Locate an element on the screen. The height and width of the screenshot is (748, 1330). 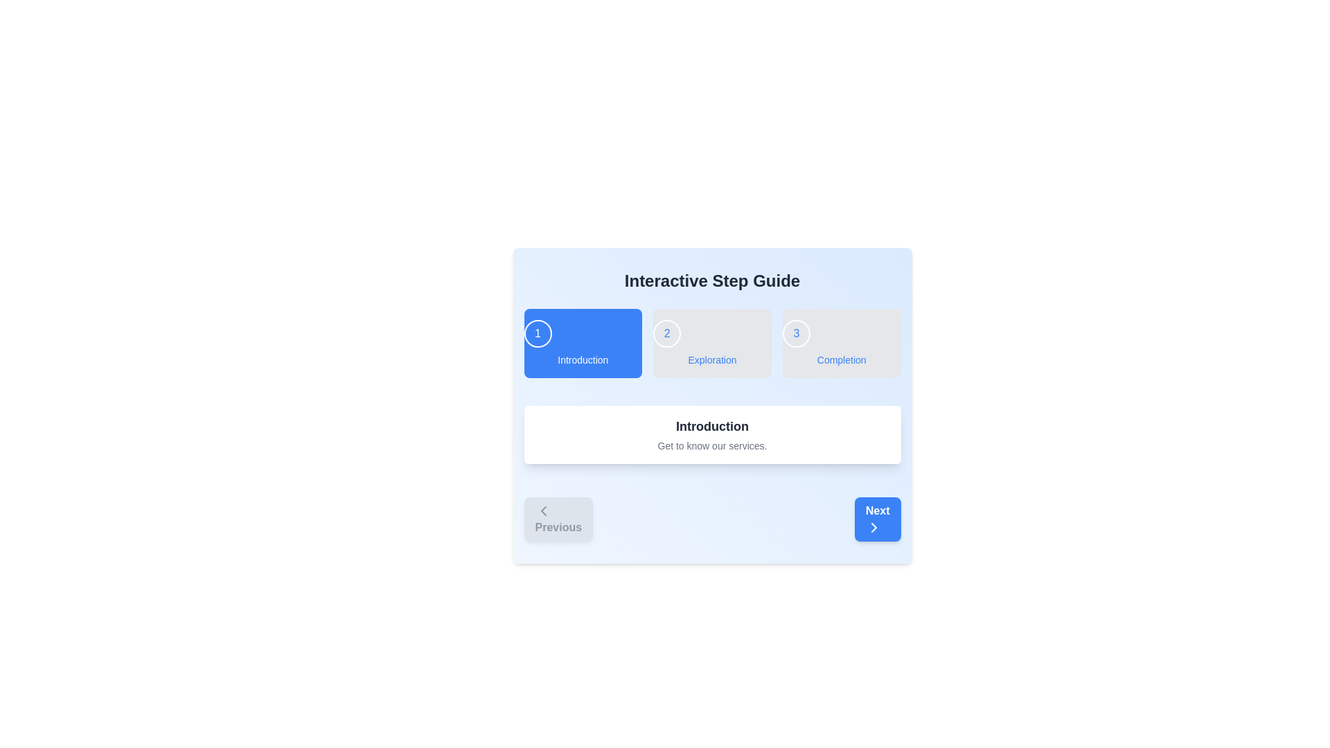
heading 'Introduction' and the description 'Get to know our services.' from the Informational card, which is centrally located in the Interactive Step Guide, below the step indications and above the navigation buttons is located at coordinates (712, 434).